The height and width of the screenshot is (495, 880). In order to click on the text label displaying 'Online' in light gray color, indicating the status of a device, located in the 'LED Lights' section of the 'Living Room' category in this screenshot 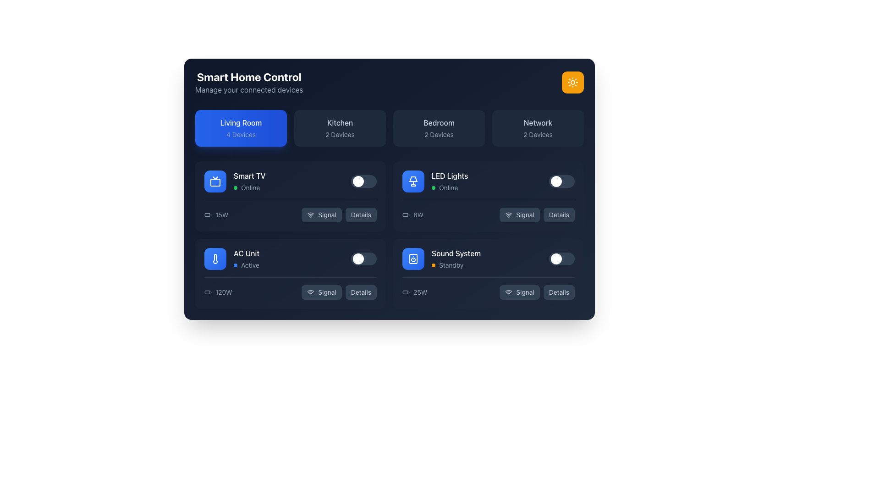, I will do `click(448, 187)`.